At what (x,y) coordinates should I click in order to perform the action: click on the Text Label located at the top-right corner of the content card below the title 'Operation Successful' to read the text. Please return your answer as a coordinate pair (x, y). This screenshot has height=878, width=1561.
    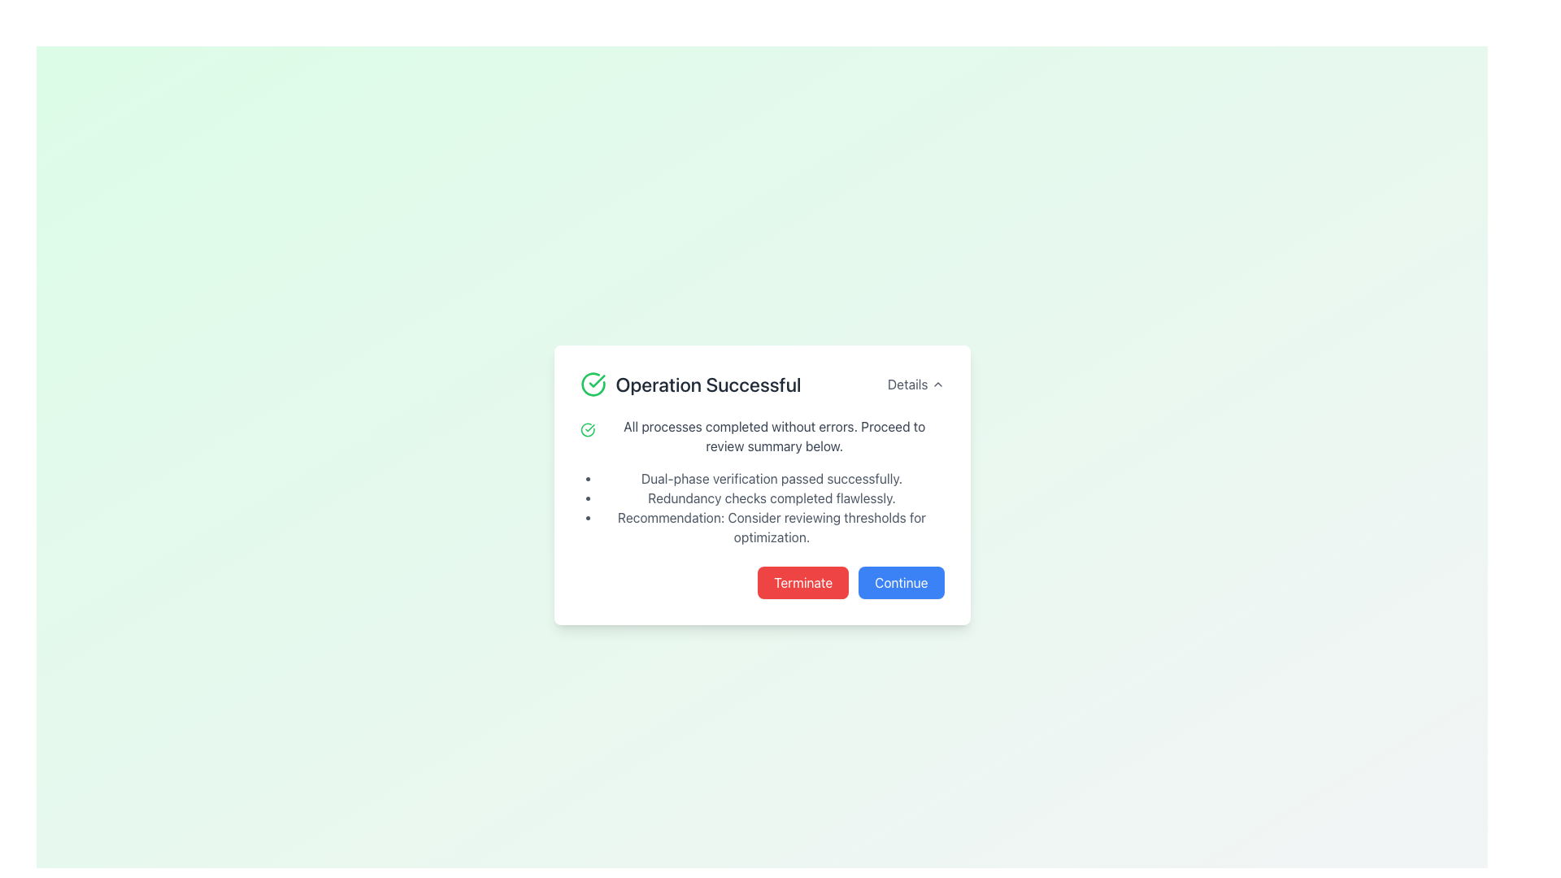
    Looking at the image, I should click on (907, 385).